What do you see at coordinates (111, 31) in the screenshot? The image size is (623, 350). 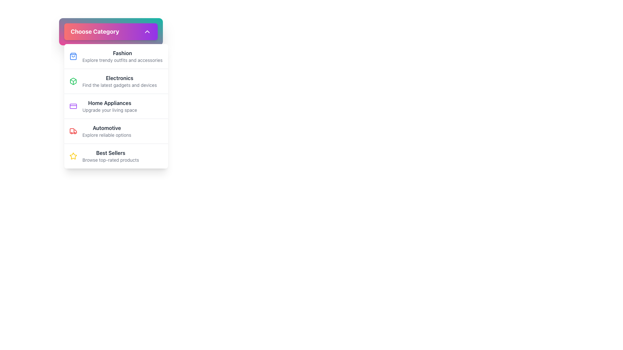 I see `the Dropdown Toggle Button labeled 'Choose Category' with a gradient background transitioning from red to purple, which contains an upward-facing chevron icon` at bounding box center [111, 31].